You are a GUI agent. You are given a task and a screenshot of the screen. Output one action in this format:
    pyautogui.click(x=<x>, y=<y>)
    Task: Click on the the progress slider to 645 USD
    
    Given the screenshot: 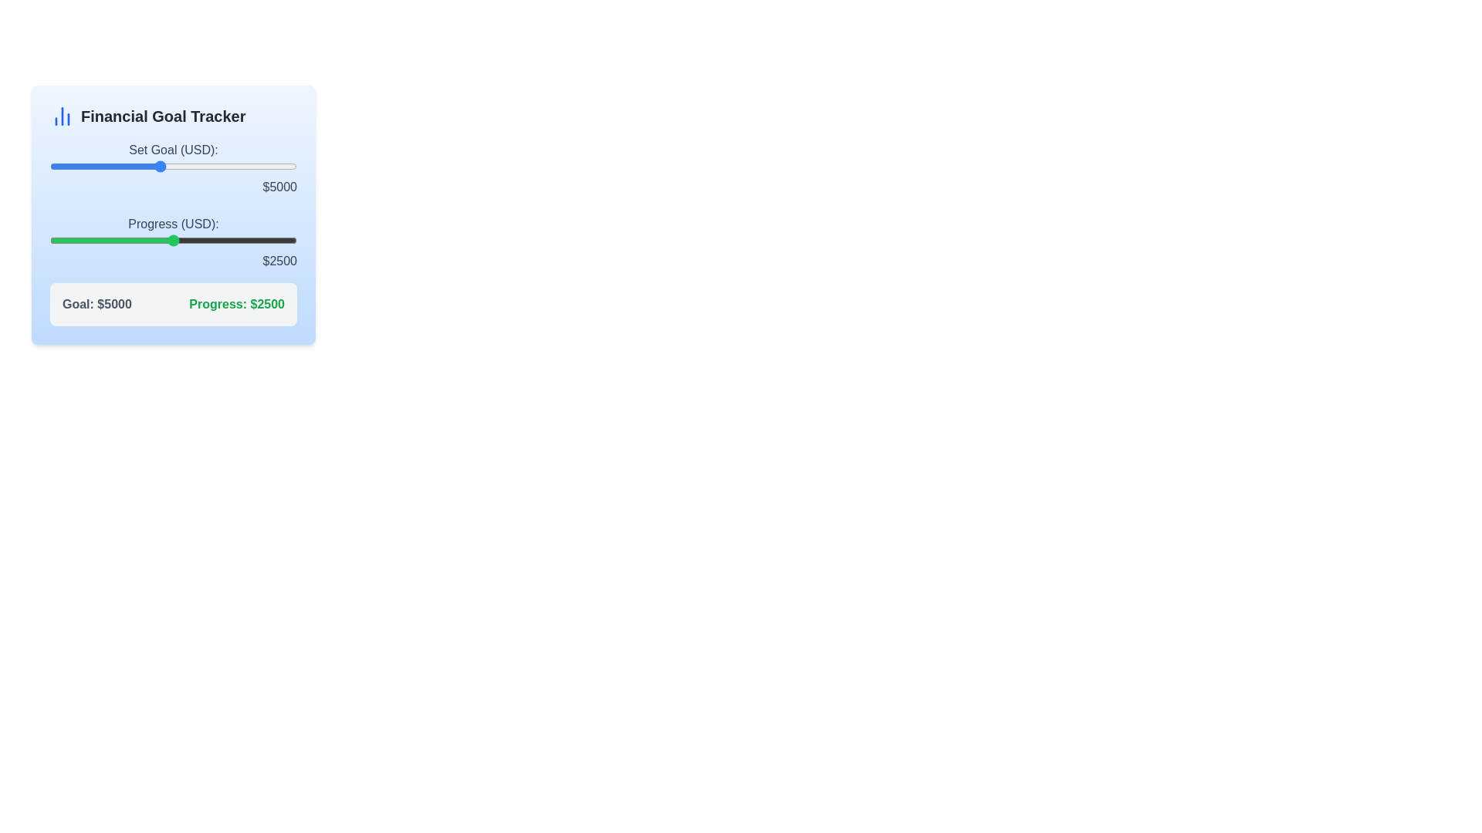 What is the action you would take?
    pyautogui.click(x=81, y=241)
    